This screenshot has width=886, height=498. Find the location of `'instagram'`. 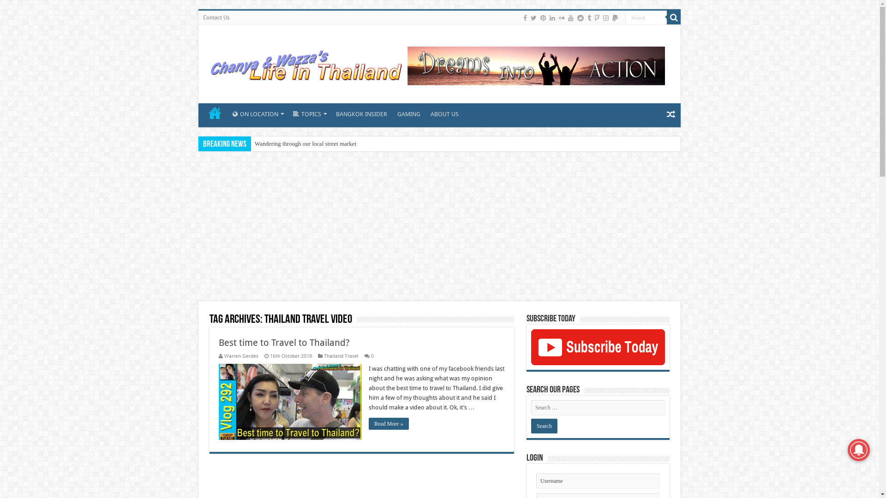

'instagram' is located at coordinates (602, 18).